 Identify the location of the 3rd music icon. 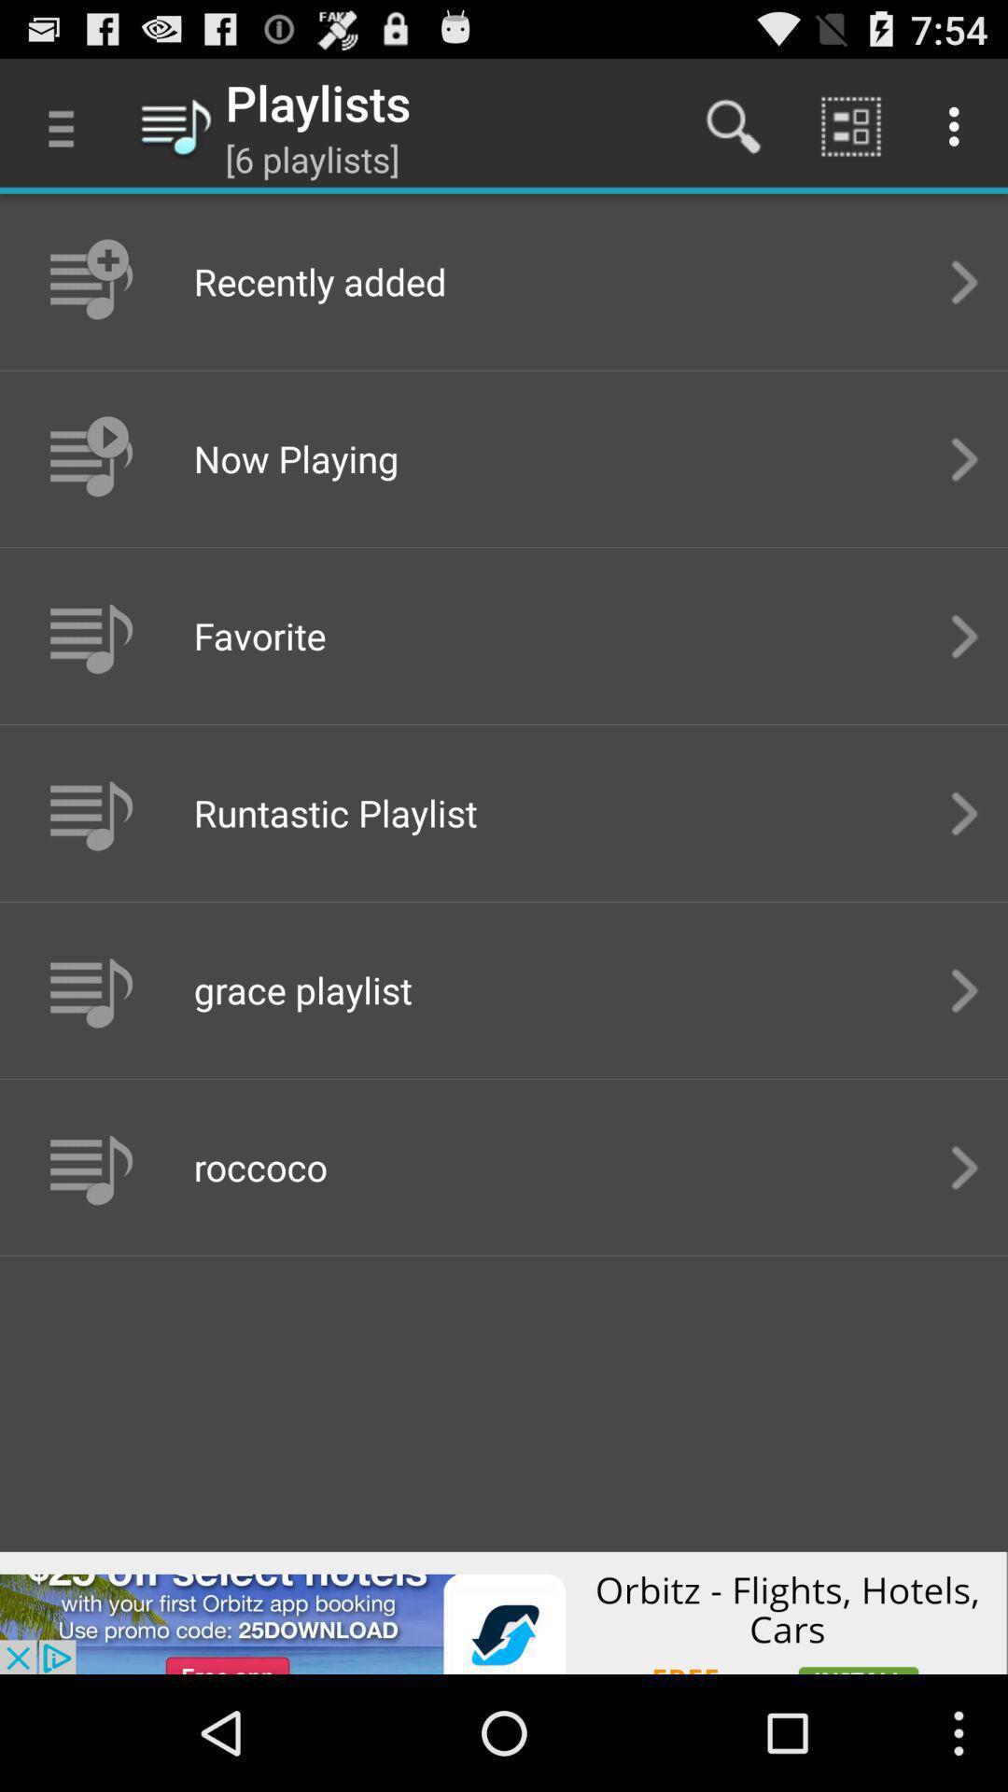
(89, 636).